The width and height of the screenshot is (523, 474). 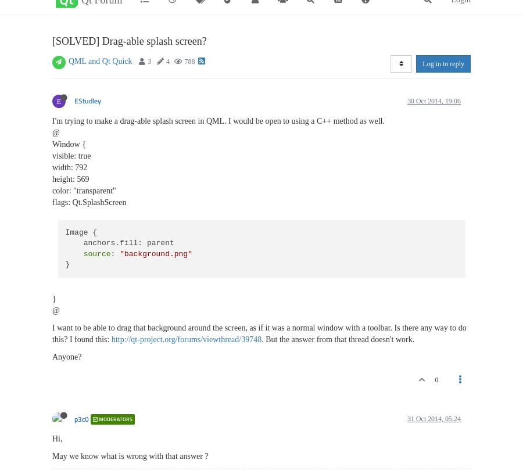 What do you see at coordinates (69, 143) in the screenshot?
I see `'Window {'` at bounding box center [69, 143].